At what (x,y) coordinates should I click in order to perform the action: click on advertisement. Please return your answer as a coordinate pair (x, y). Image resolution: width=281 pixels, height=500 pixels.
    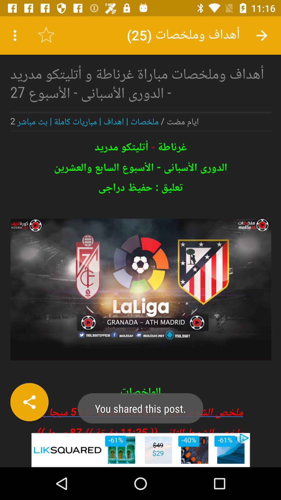
    Looking at the image, I should click on (140, 450).